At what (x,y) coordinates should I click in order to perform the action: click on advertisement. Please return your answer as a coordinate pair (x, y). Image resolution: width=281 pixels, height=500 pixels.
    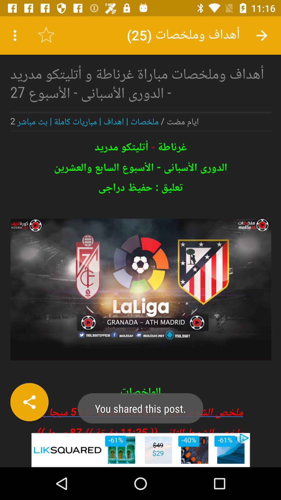
    Looking at the image, I should click on (140, 450).